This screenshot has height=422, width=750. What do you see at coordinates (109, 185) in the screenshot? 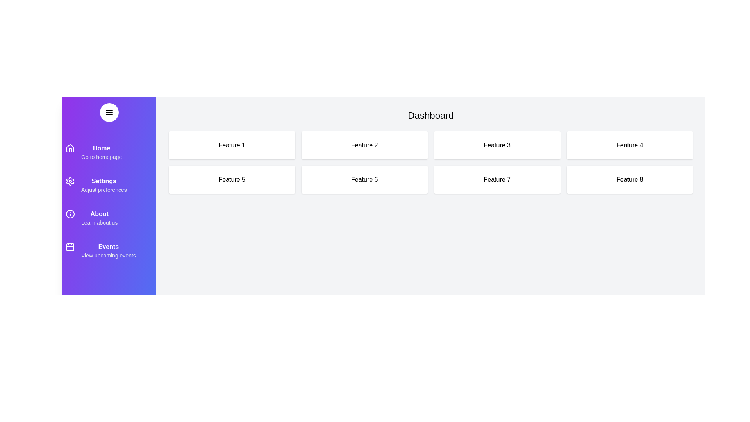
I see `the menu item Settings` at bounding box center [109, 185].